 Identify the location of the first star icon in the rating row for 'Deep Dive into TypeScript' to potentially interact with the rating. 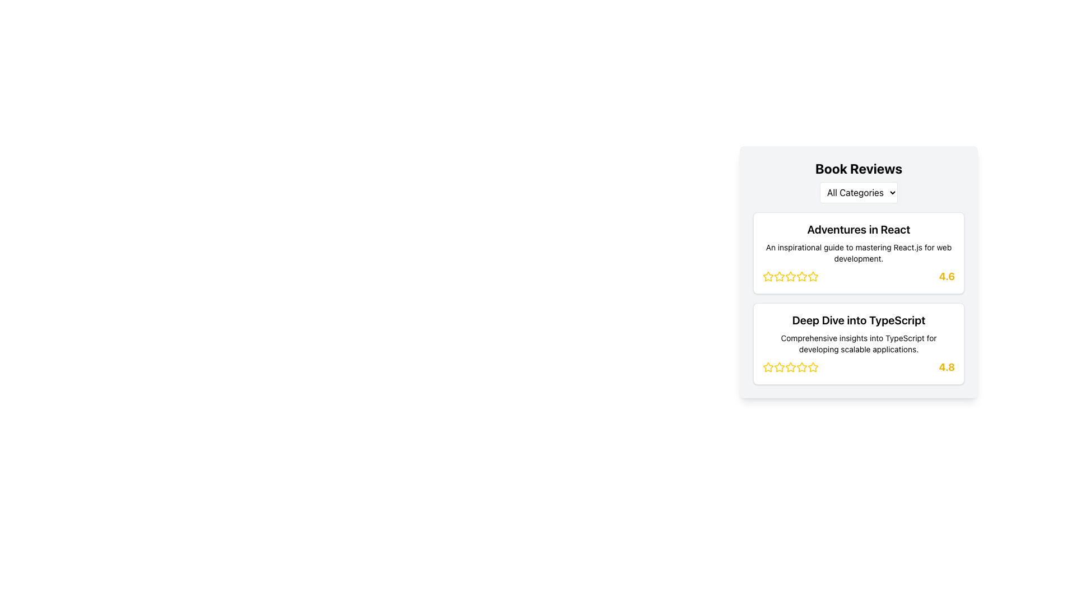
(768, 367).